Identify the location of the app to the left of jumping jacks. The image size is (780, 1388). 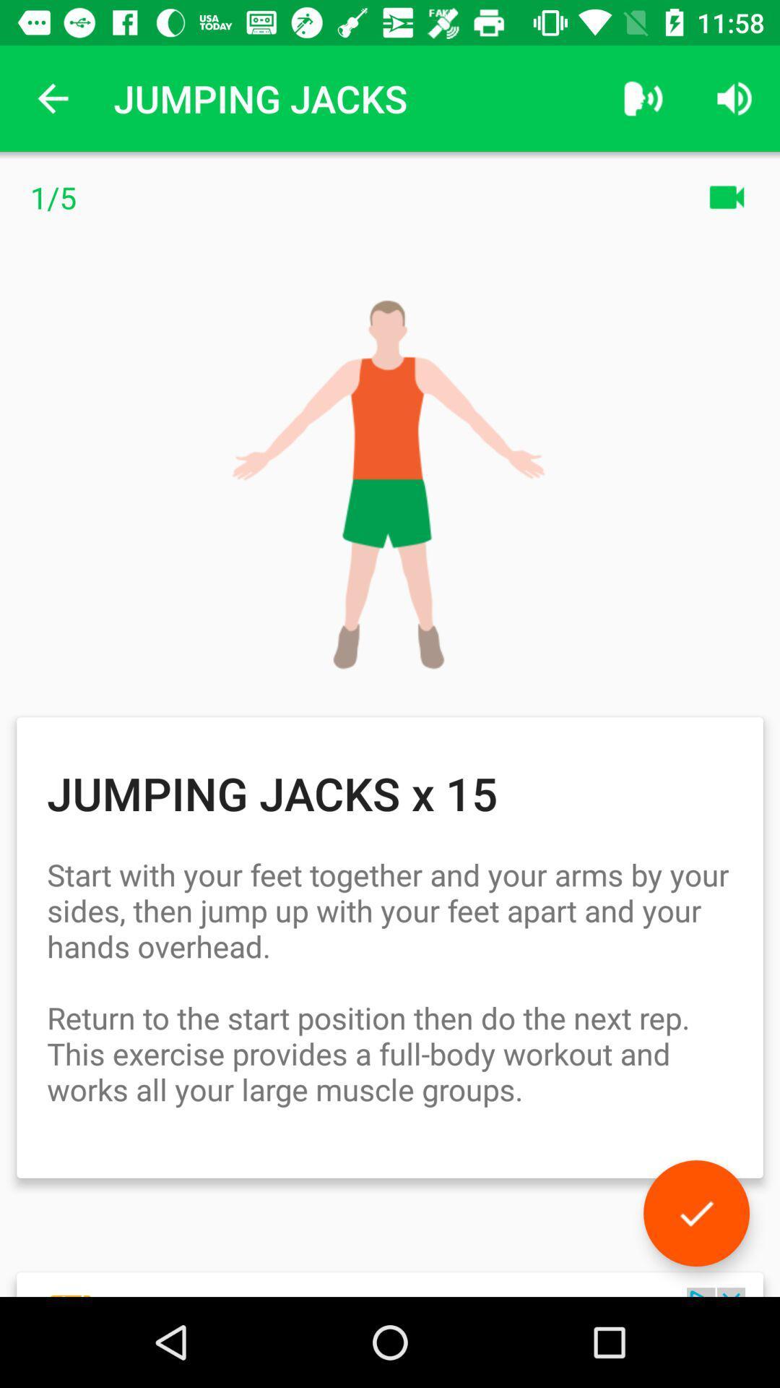
(52, 98).